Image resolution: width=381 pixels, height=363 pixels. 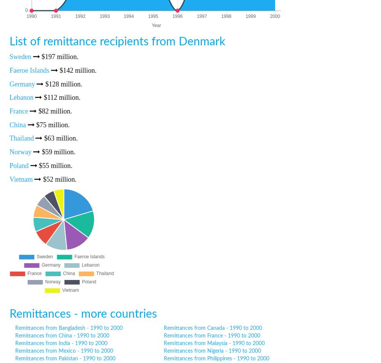 I want to click on '$82 million.', so click(x=54, y=110).